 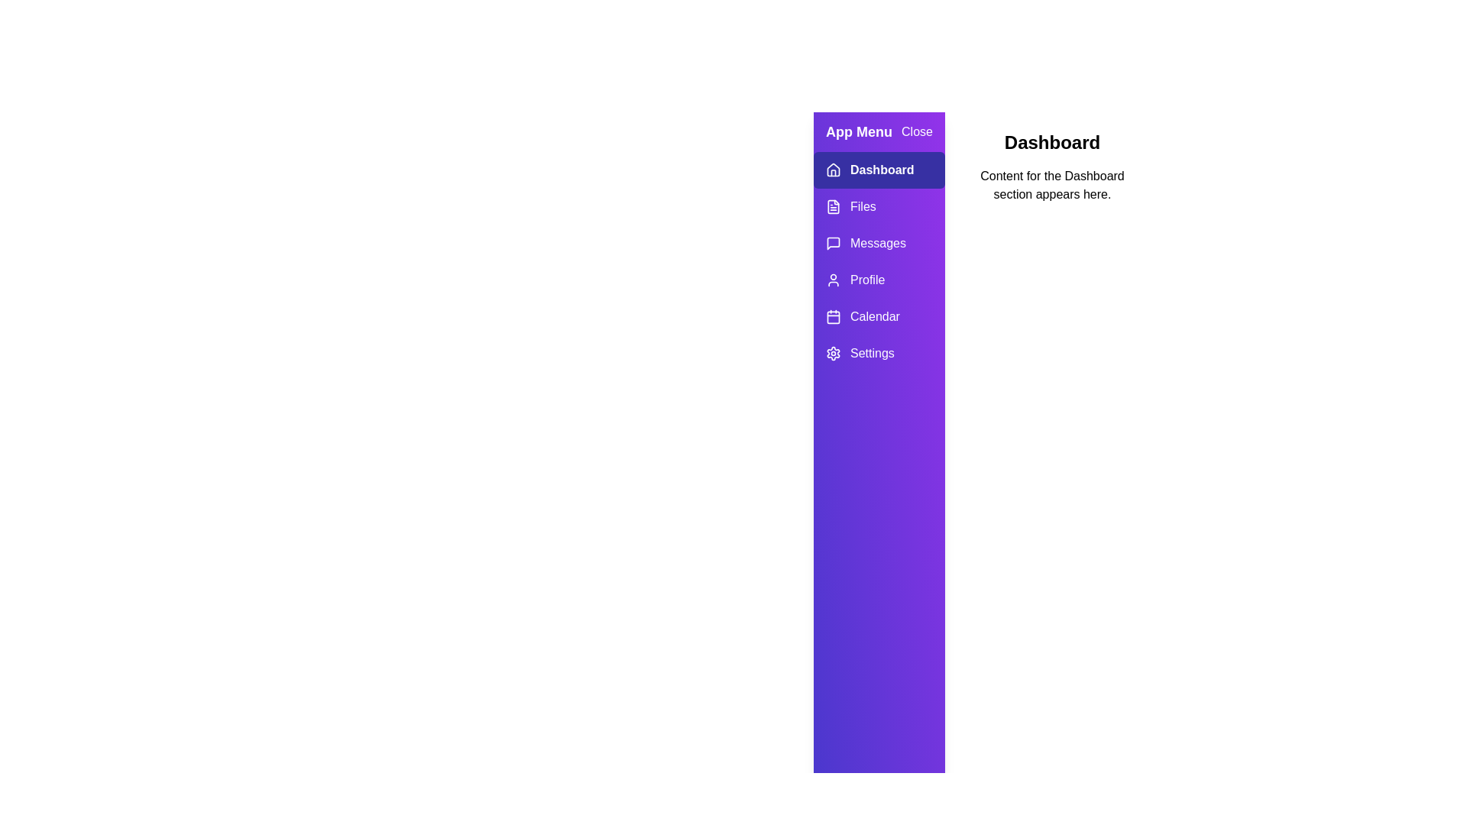 What do you see at coordinates (879, 280) in the screenshot?
I see `the tab labeled Profile in the drawer` at bounding box center [879, 280].